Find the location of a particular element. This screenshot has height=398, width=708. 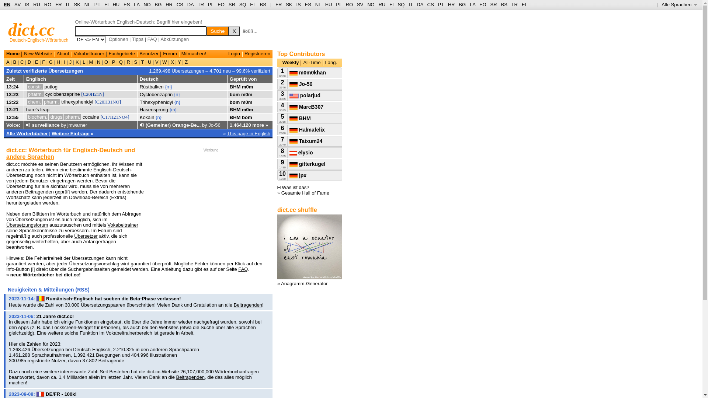

'DA' is located at coordinates (420, 4).